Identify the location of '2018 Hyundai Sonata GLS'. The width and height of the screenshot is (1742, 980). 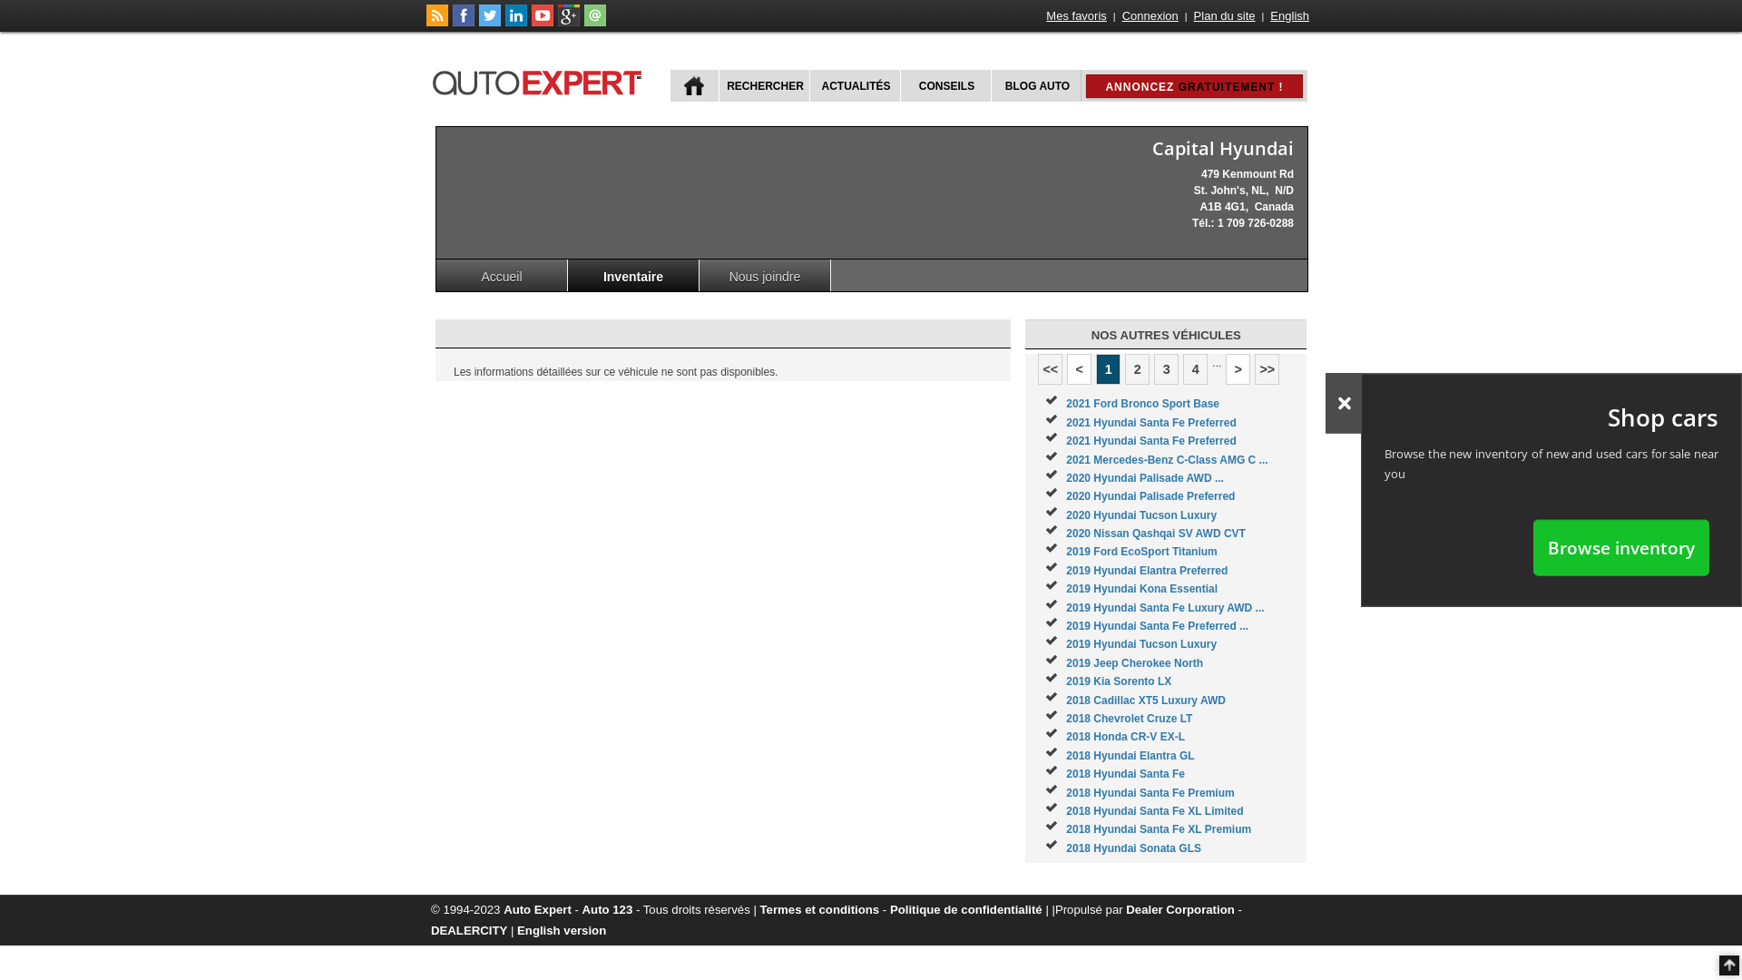
(1132, 848).